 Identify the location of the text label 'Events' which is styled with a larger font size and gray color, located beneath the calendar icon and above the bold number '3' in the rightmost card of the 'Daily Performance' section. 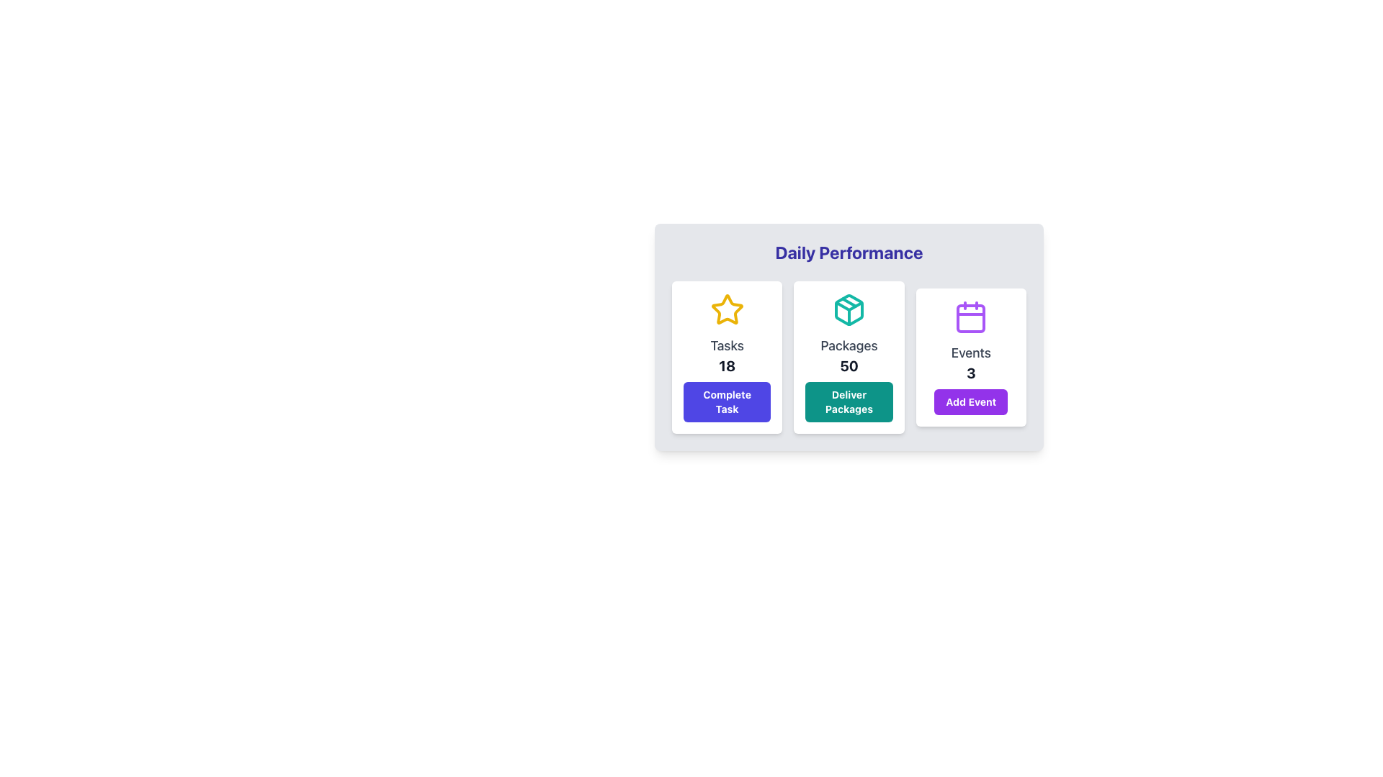
(971, 353).